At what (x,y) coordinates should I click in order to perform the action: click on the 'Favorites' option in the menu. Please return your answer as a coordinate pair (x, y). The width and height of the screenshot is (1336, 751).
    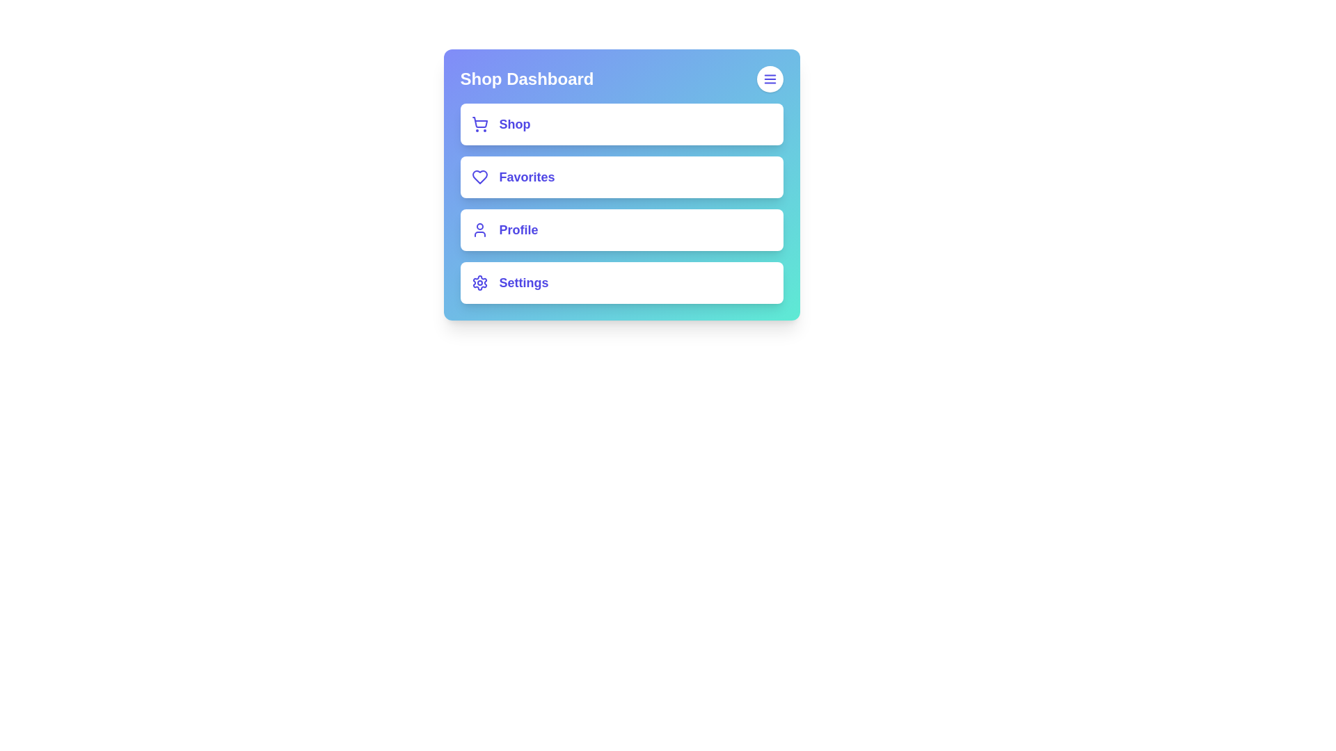
    Looking at the image, I should click on (621, 176).